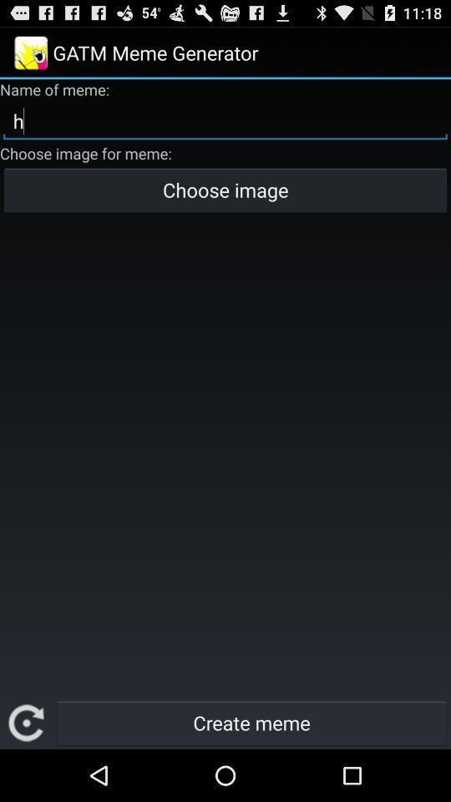 The image size is (451, 802). What do you see at coordinates (25, 774) in the screenshot?
I see `the refresh icon` at bounding box center [25, 774].